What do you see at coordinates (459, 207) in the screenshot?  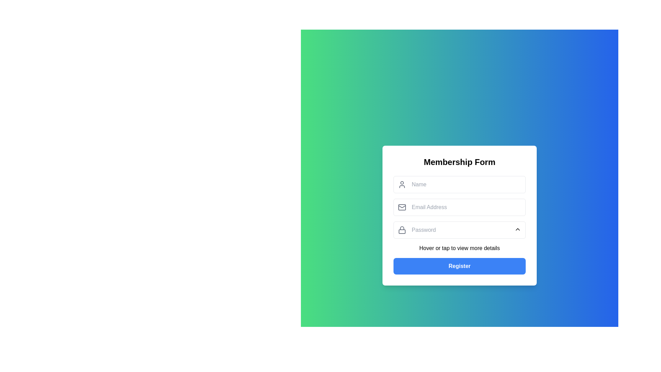 I see `the email input field situated below the name input field in the form` at bounding box center [459, 207].